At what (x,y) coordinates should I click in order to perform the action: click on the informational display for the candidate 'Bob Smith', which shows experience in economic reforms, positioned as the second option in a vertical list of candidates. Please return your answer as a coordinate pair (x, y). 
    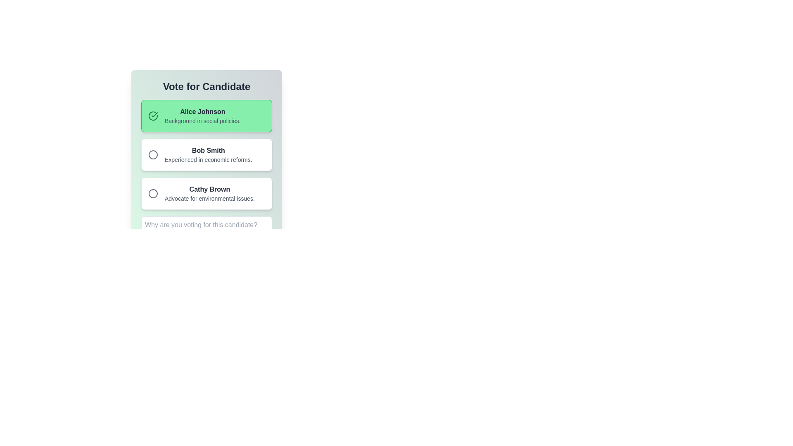
    Looking at the image, I should click on (208, 154).